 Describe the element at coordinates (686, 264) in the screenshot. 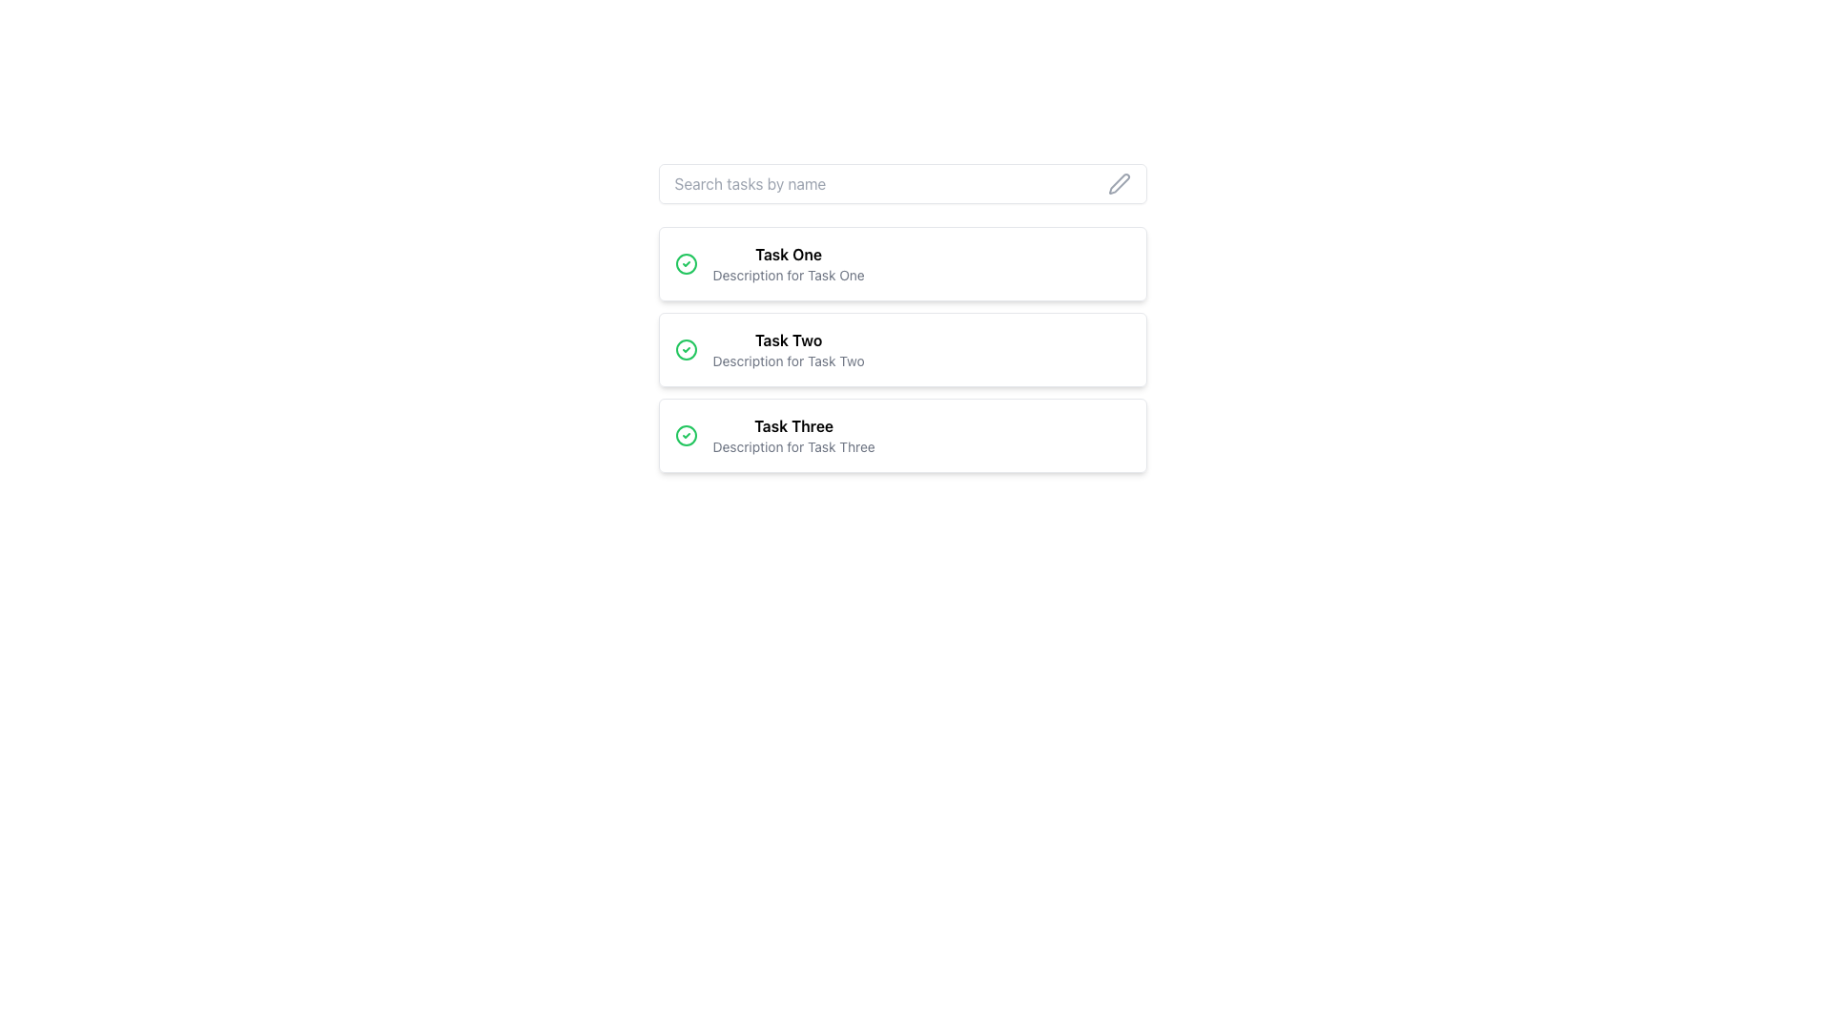

I see `the completion status icon represented by a checkmark, located to the left of the 'Task One' title in the first task card` at that location.